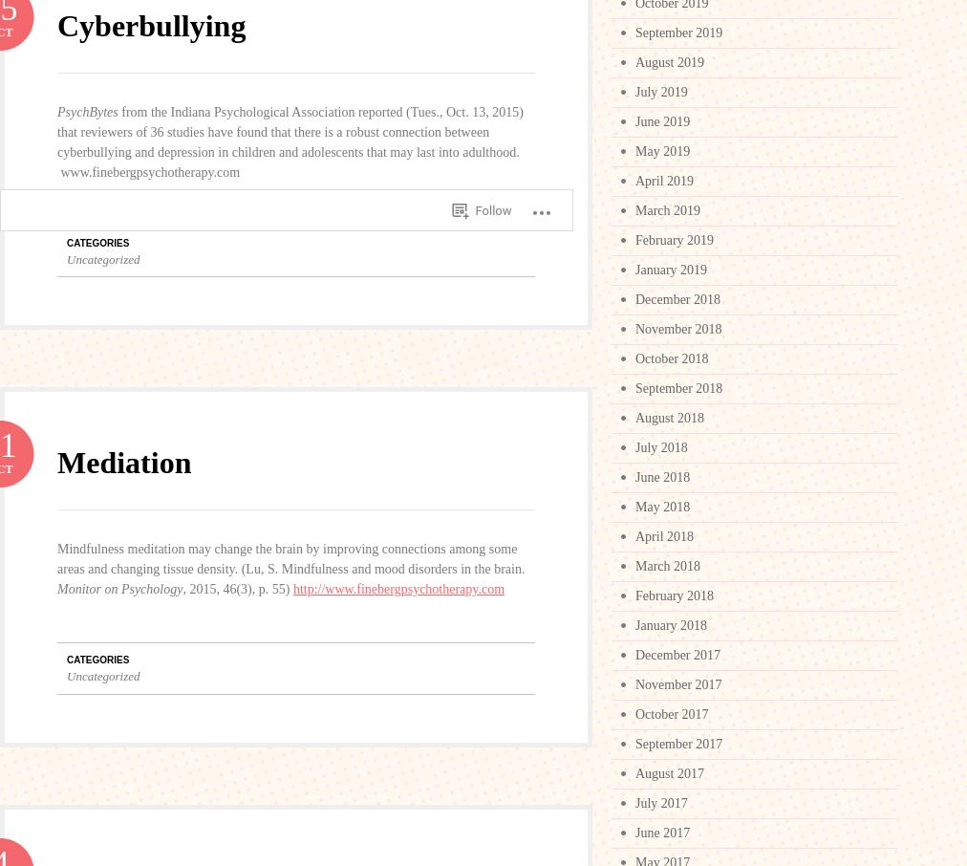  Describe the element at coordinates (674, 595) in the screenshot. I see `'February 2018'` at that location.